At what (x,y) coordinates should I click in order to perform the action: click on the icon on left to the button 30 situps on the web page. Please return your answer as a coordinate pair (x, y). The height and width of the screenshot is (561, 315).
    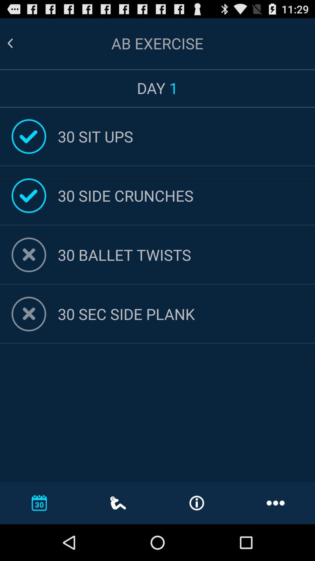
    Looking at the image, I should click on (29, 136).